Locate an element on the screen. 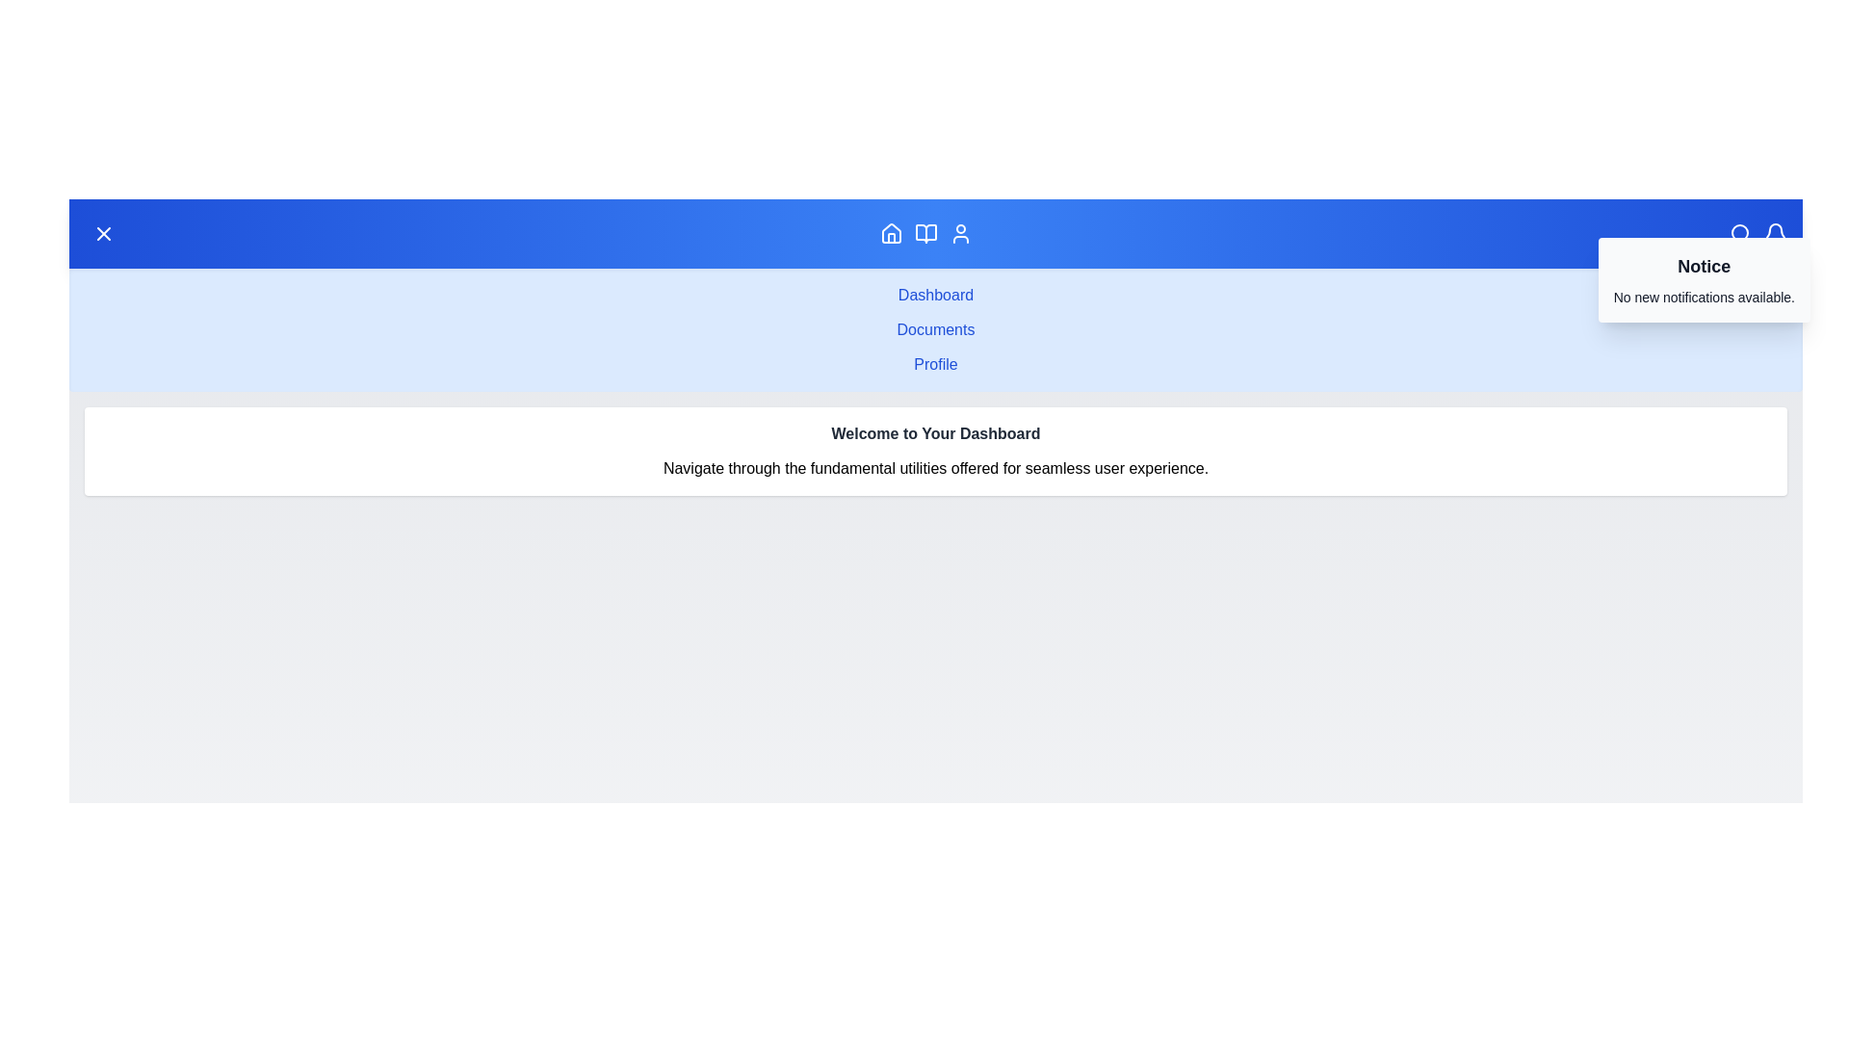  the Home navigation icon to navigate to the corresponding section is located at coordinates (891, 233).